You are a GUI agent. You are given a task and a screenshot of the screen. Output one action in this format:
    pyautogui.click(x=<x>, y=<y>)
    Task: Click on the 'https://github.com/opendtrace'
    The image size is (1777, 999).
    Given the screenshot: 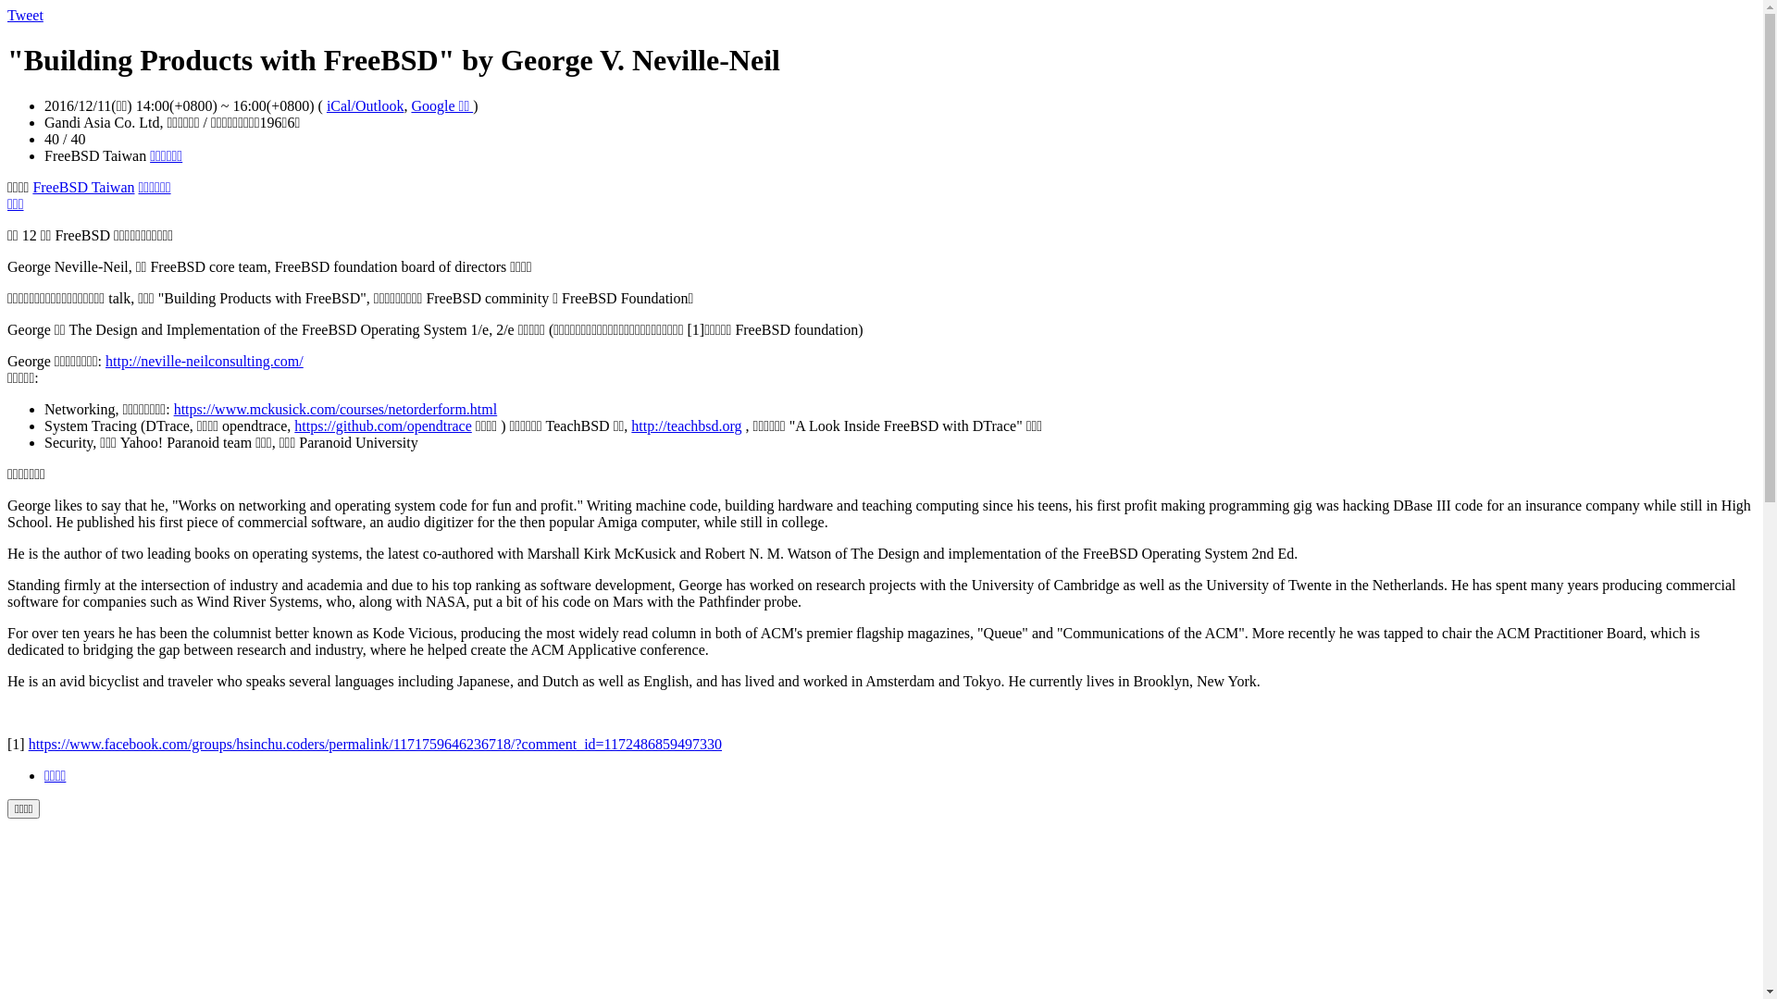 What is the action you would take?
    pyautogui.click(x=381, y=425)
    